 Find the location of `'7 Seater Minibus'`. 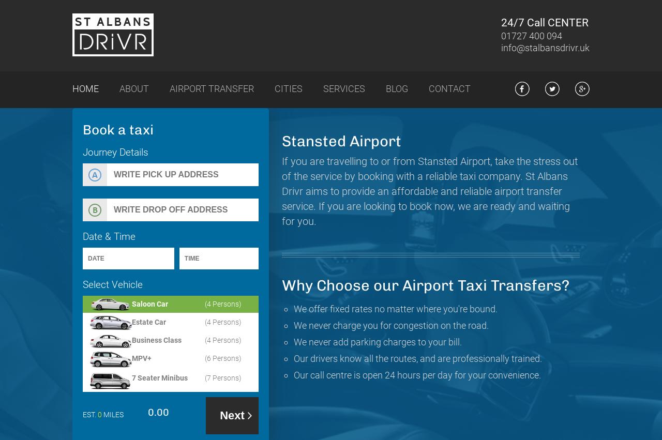

'7 Seater Minibus' is located at coordinates (159, 377).